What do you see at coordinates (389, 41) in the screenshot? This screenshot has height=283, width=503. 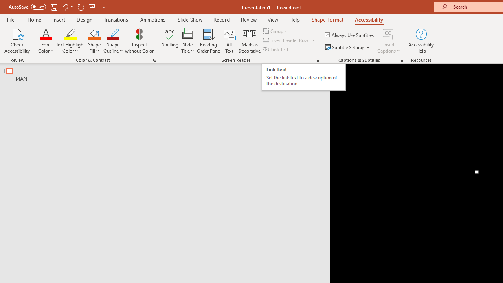 I see `'Insert Captions'` at bounding box center [389, 41].